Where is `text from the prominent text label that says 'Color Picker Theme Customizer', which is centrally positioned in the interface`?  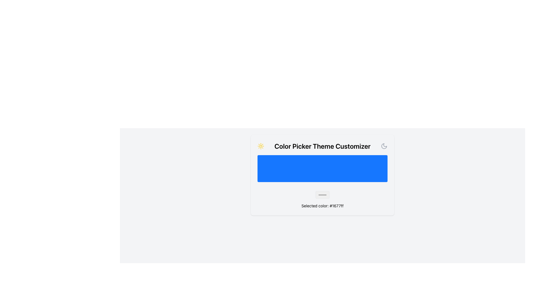
text from the prominent text label that says 'Color Picker Theme Customizer', which is centrally positioned in the interface is located at coordinates (323, 146).